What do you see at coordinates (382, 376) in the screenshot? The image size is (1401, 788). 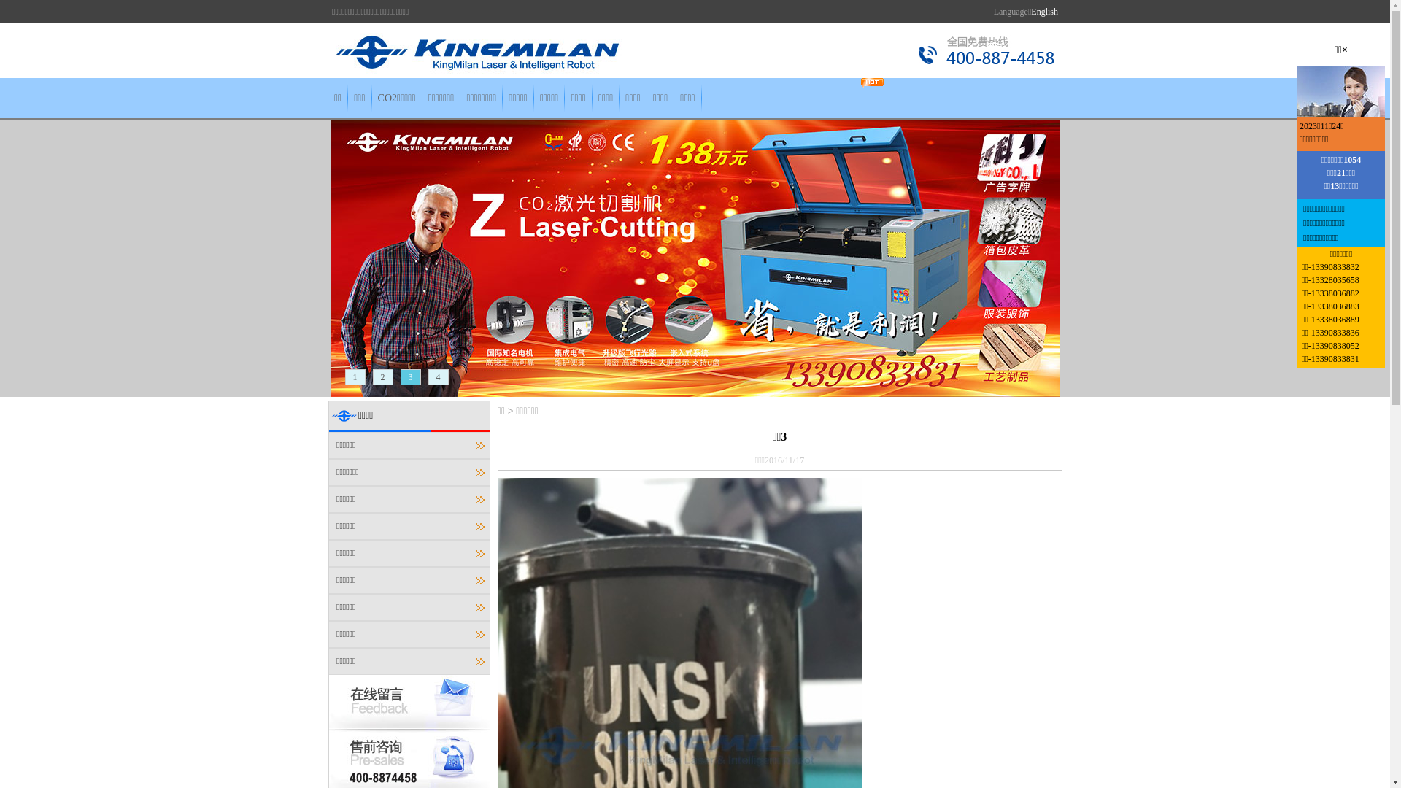 I see `'2'` at bounding box center [382, 376].